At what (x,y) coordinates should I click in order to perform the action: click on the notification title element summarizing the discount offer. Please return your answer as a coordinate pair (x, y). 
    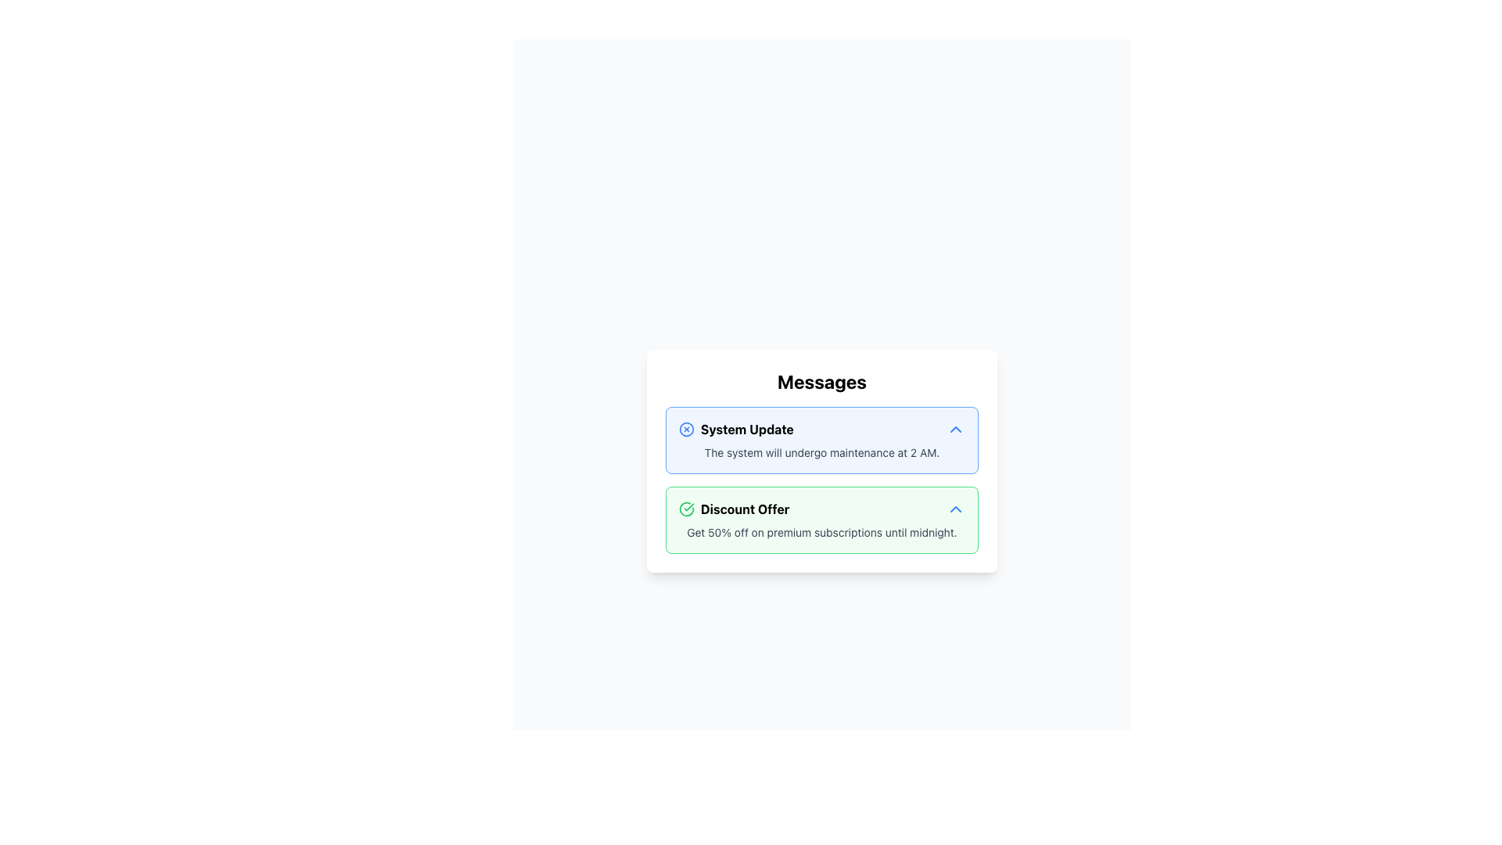
    Looking at the image, I should click on (733, 509).